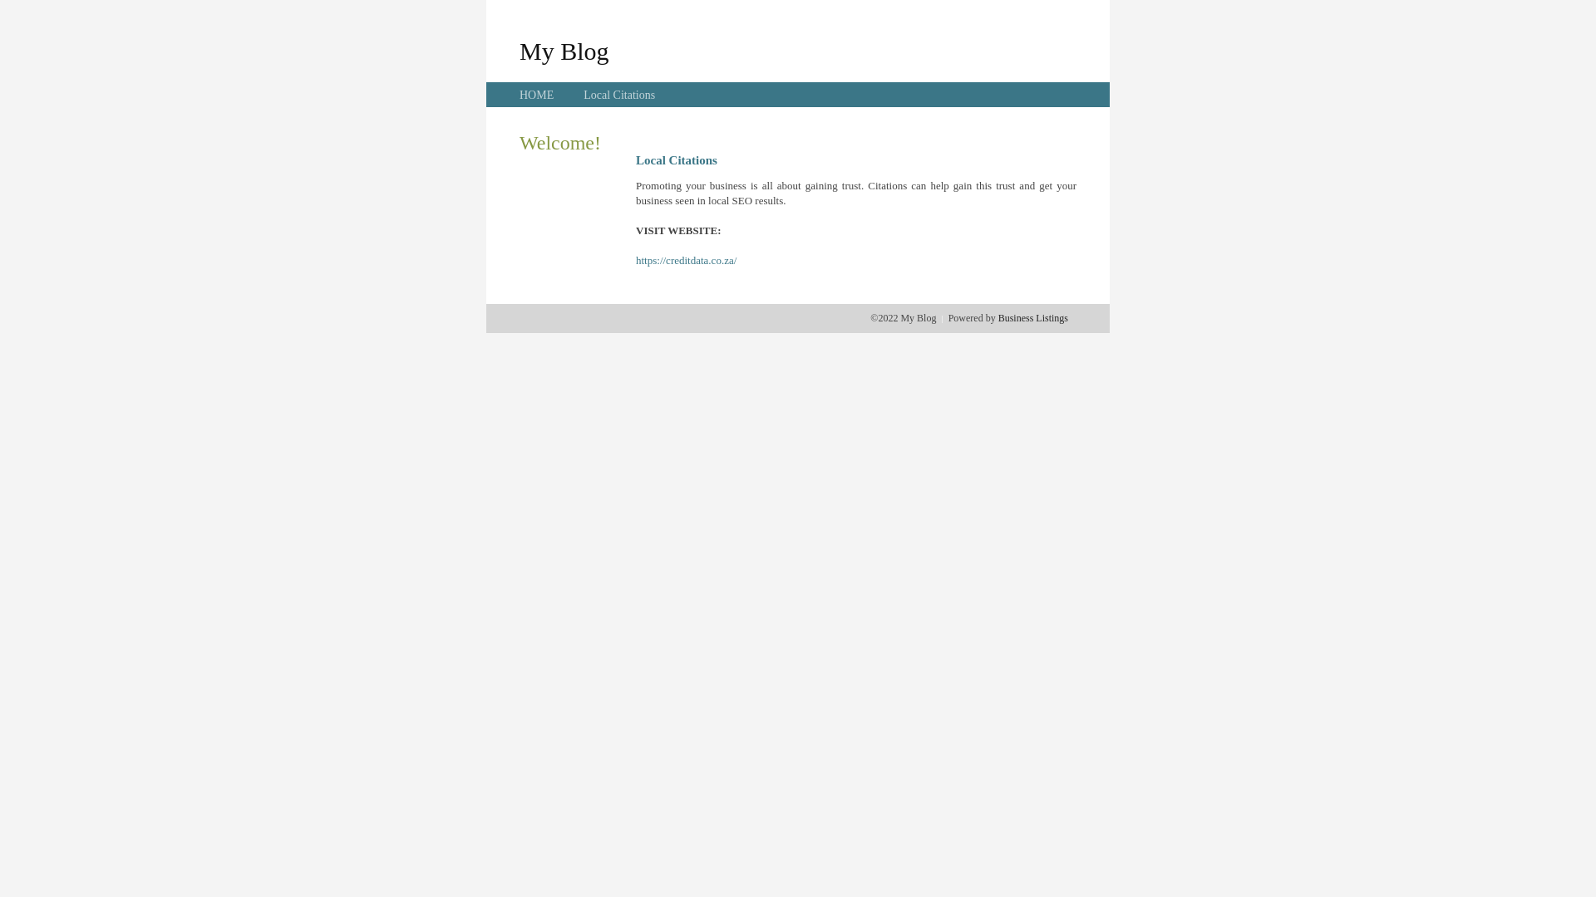 This screenshot has height=897, width=1596. What do you see at coordinates (564, 50) in the screenshot?
I see `'My Blog'` at bounding box center [564, 50].